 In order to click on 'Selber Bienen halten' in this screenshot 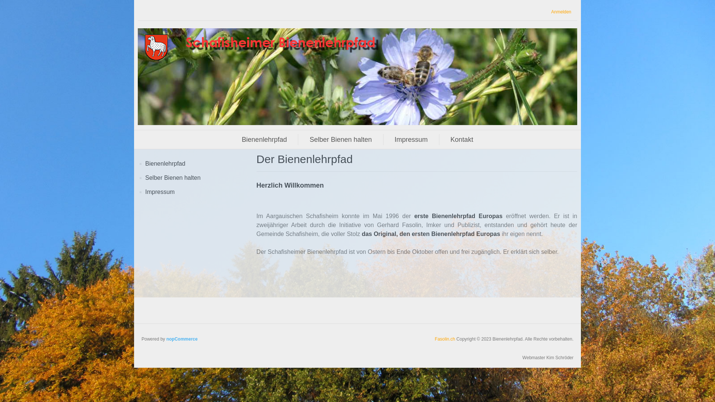, I will do `click(340, 139)`.